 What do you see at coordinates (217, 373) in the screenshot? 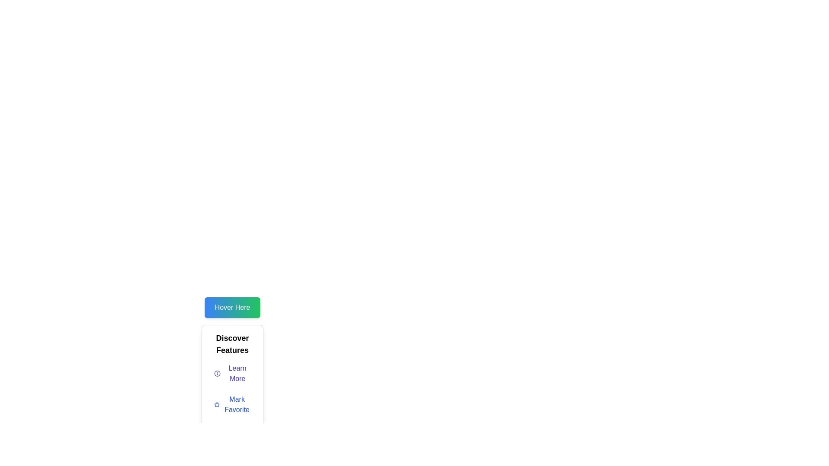
I see `the circular shape located centrally within the icon` at bounding box center [217, 373].